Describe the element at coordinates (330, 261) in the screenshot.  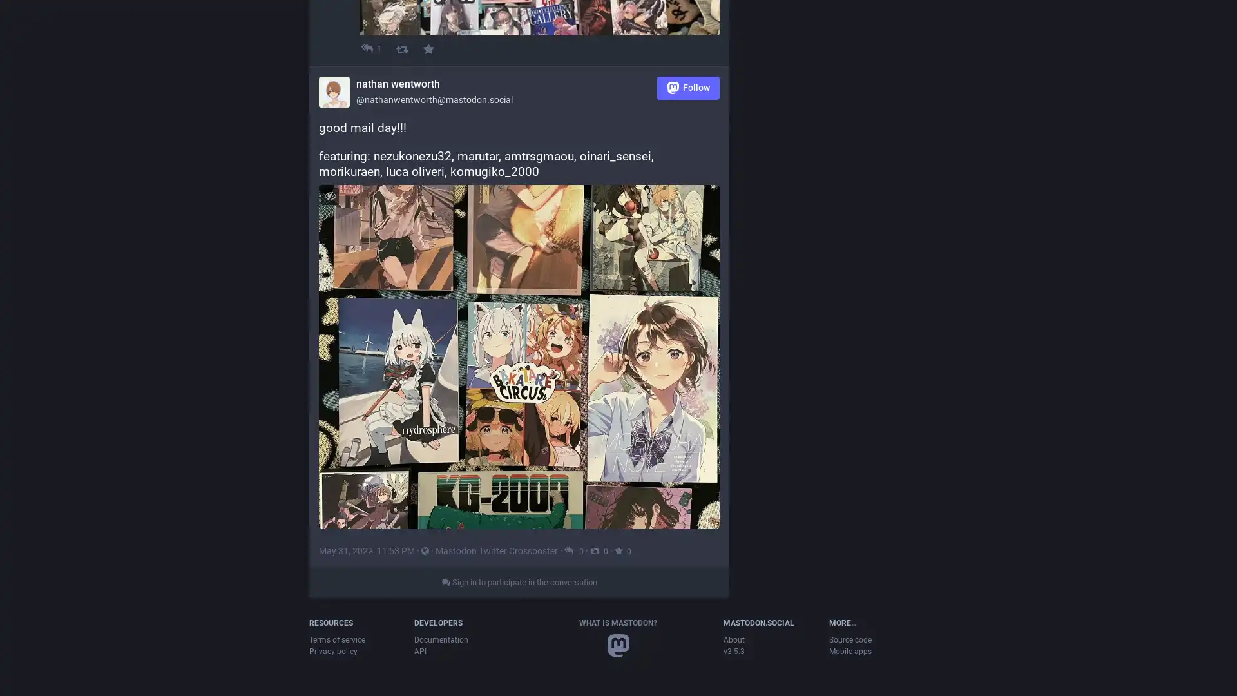
I see `Hide image` at that location.